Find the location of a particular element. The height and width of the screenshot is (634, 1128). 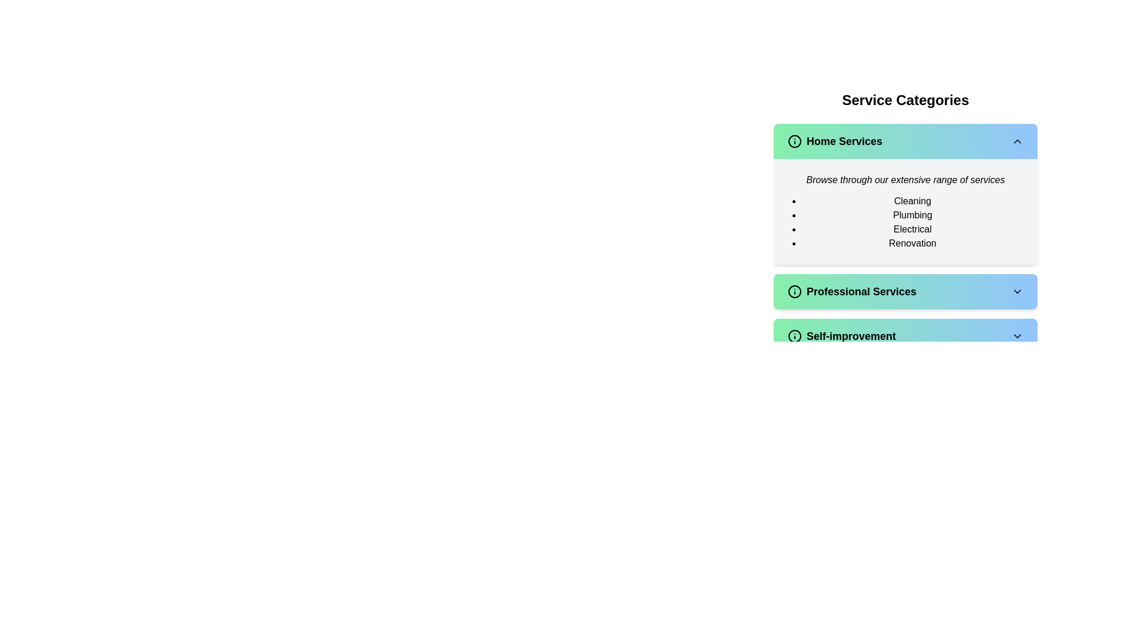

the 'Plumbing' text label in the 'Home Services' section is located at coordinates (912, 215).